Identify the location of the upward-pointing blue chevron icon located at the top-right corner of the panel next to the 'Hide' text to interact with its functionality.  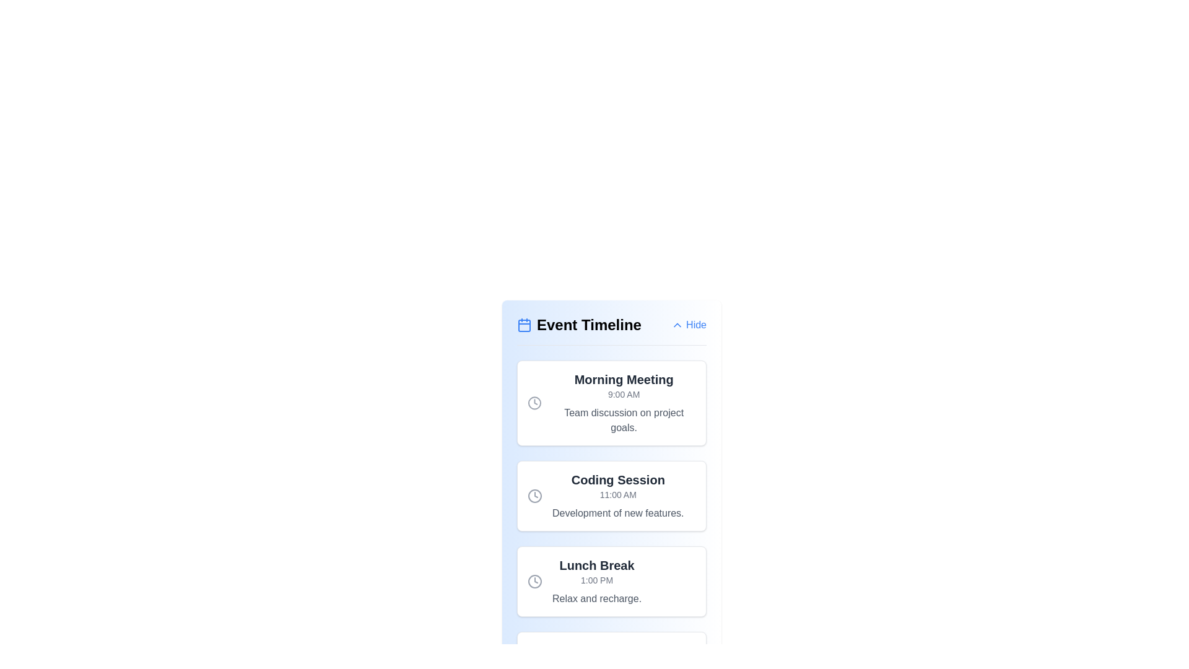
(677, 324).